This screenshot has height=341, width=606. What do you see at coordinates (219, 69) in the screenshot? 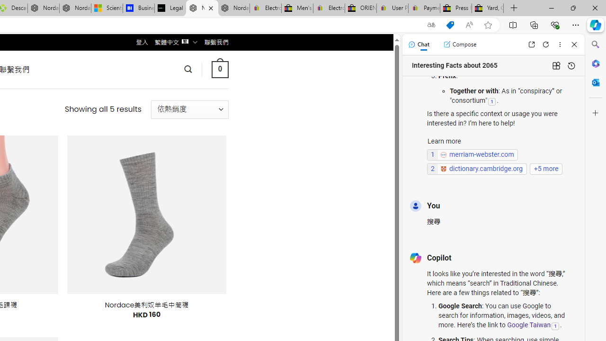
I see `'  0  '` at bounding box center [219, 69].